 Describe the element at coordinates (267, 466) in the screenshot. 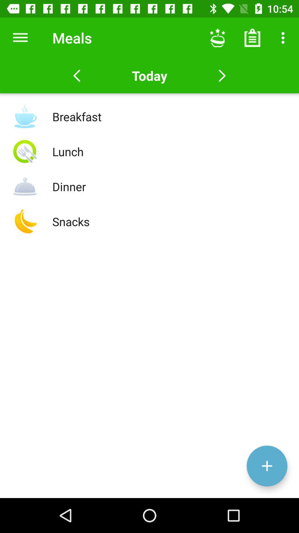

I see `the add icon` at that location.